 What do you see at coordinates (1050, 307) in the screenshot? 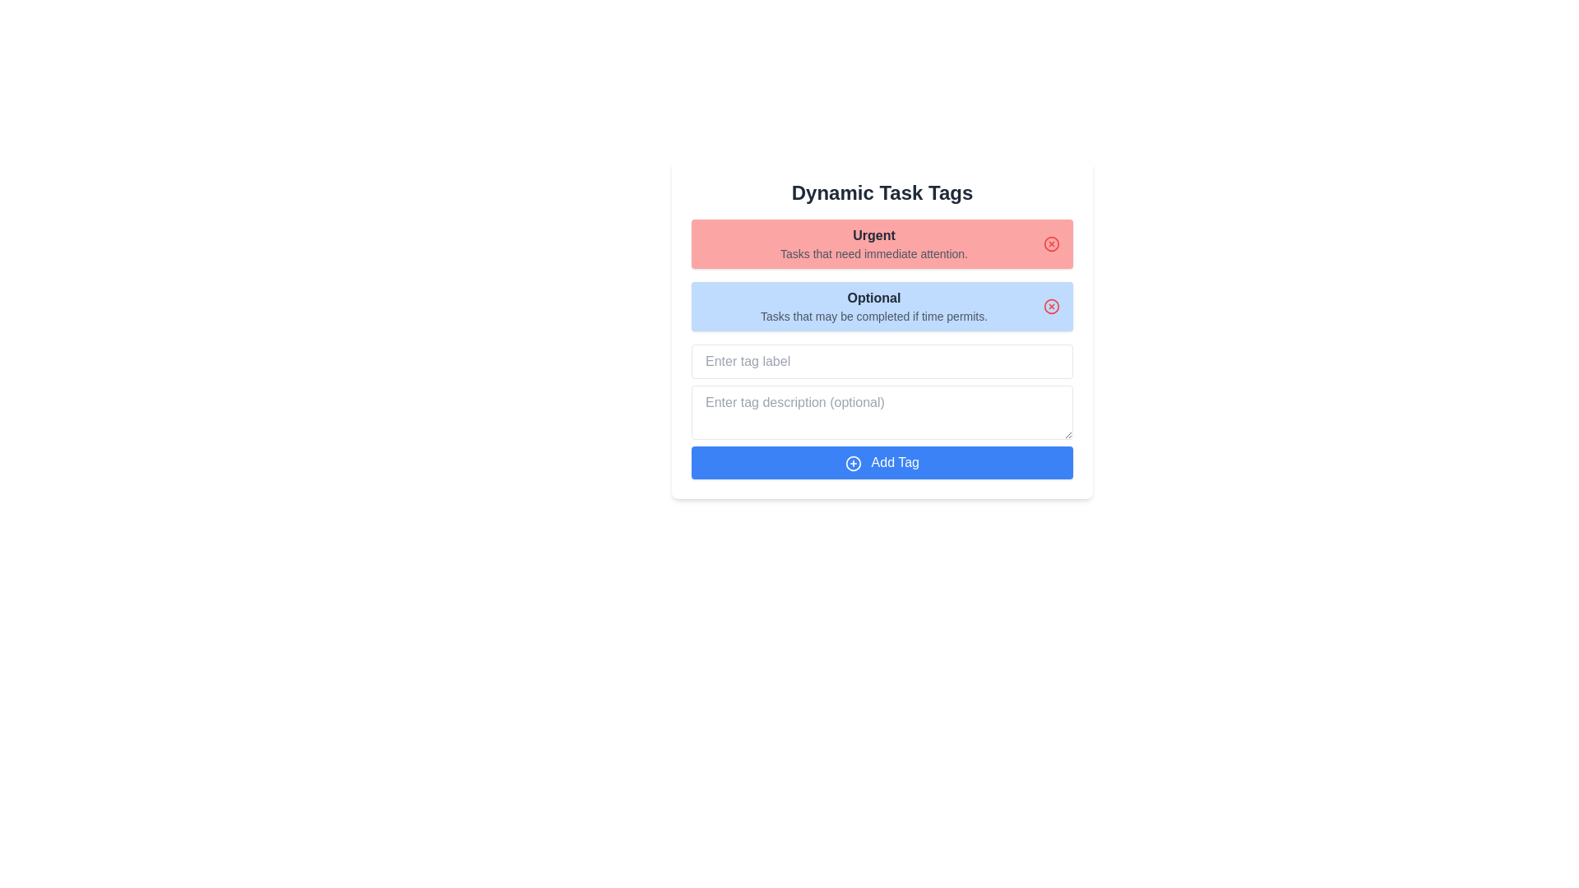
I see `the red circular 'X' icon button located in the upper-right corner of the blue box titled 'Optional'` at bounding box center [1050, 307].